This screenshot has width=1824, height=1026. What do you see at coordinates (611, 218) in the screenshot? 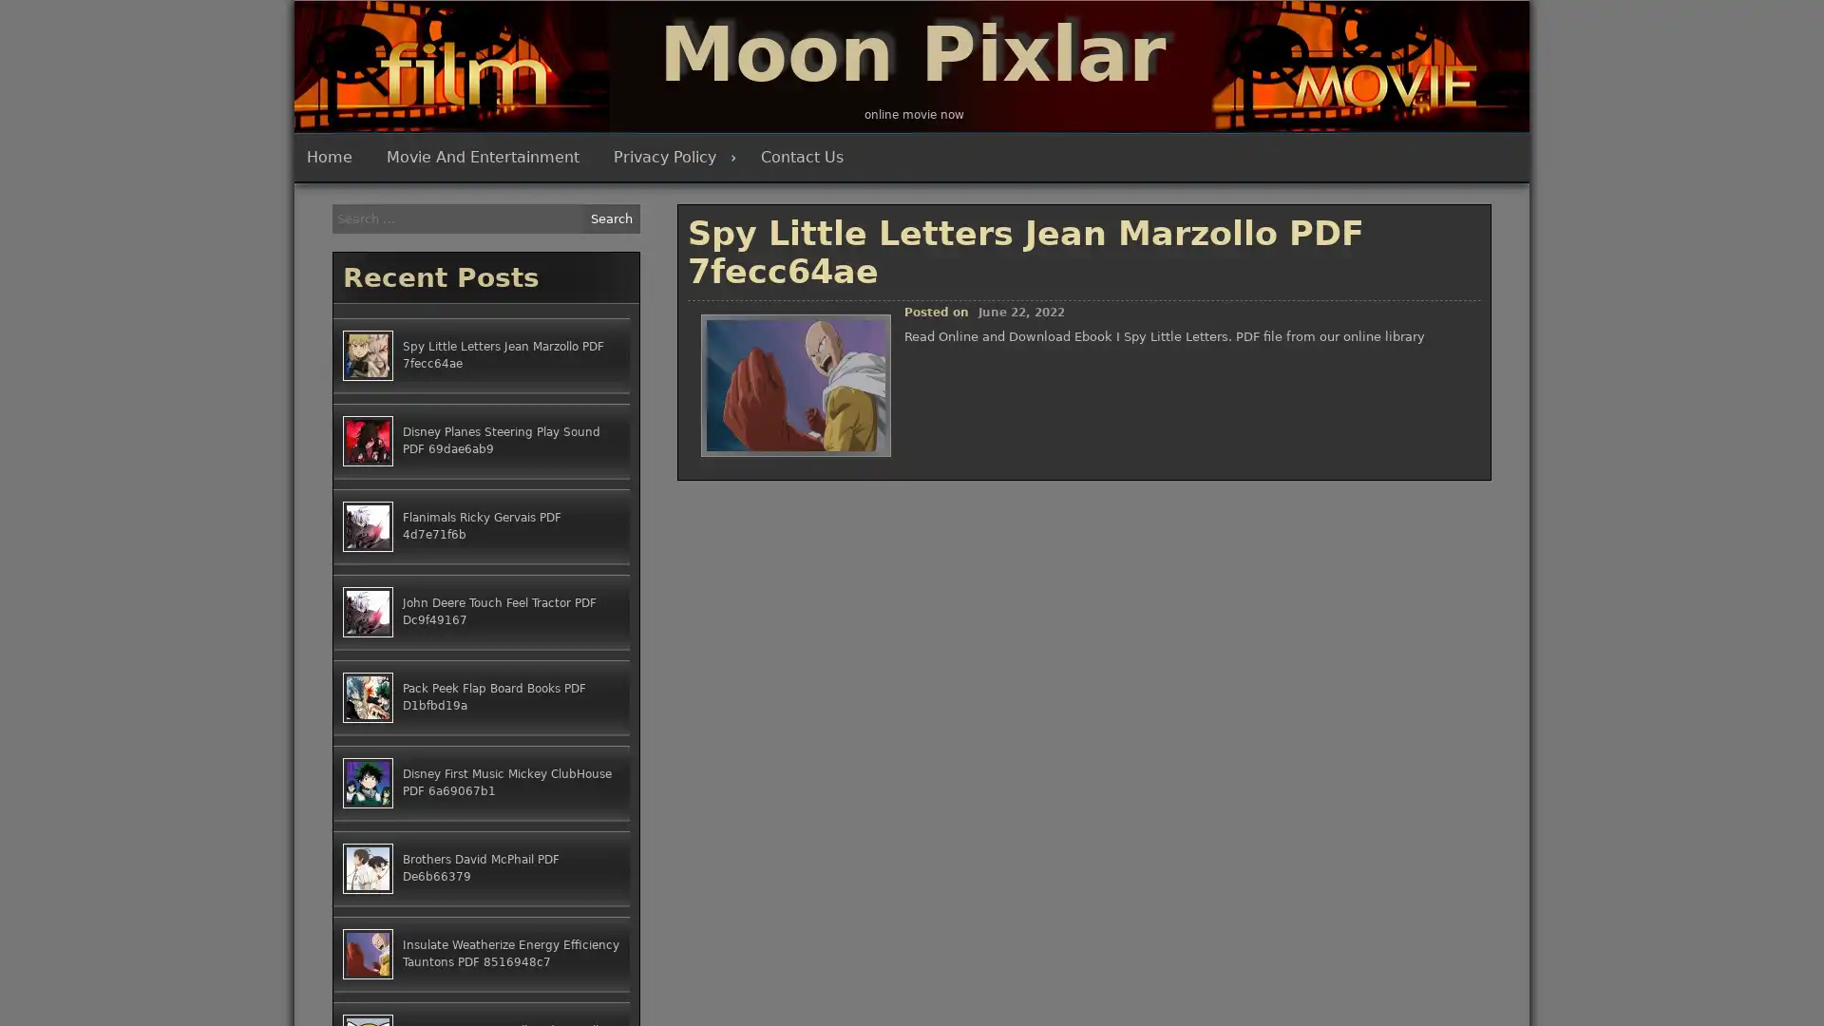
I see `Search` at bounding box center [611, 218].